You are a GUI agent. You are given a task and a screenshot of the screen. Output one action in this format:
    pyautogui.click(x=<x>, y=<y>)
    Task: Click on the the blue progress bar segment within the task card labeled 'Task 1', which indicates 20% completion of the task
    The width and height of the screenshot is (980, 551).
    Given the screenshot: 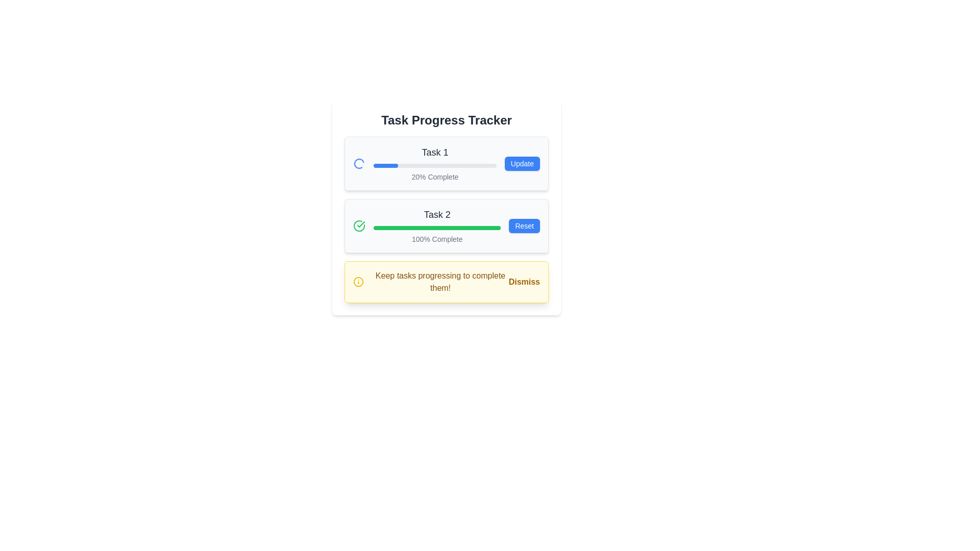 What is the action you would take?
    pyautogui.click(x=385, y=165)
    